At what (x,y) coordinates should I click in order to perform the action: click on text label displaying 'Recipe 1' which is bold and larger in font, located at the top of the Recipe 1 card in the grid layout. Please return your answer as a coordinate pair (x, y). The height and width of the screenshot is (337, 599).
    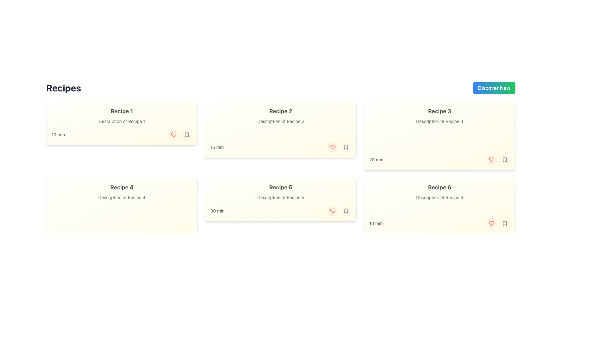
    Looking at the image, I should click on (122, 111).